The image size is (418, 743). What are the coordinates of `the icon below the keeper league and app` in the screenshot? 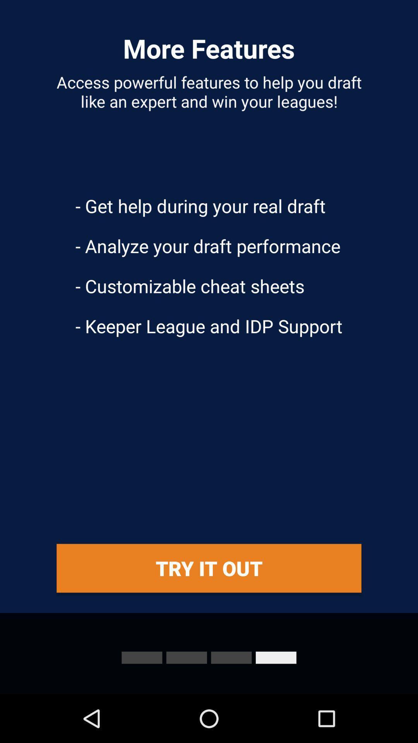 It's located at (209, 568).